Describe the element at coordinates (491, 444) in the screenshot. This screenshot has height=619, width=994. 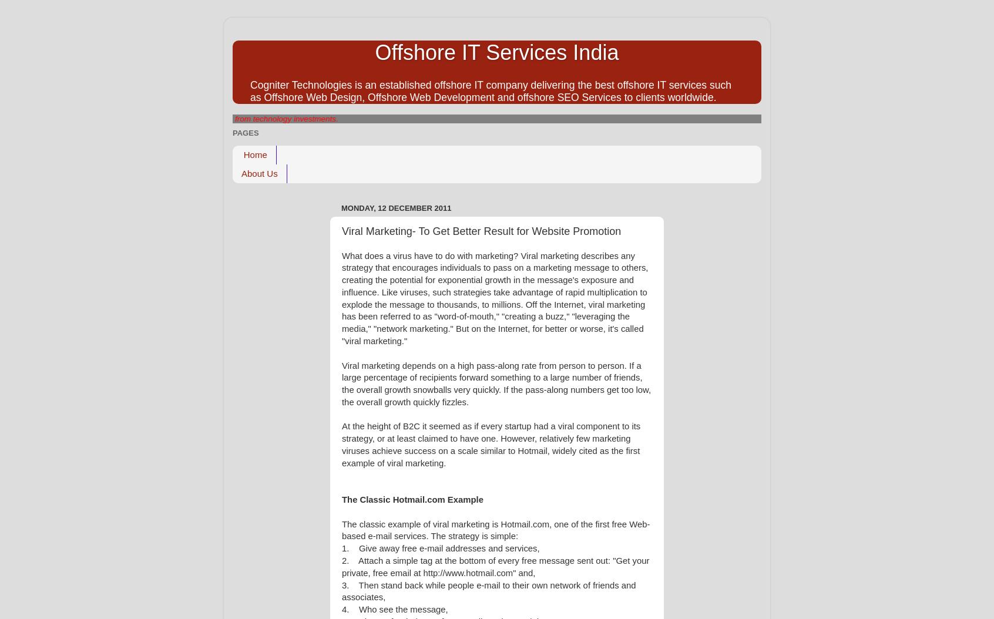
I see `'At the height of B2C it seemed as if every startup had a viral component to its strategy, or at least claimed to have one. However, relatively few marketing viruses achieve success on a scale similar to Hotmail, widely cited as the first example of viral marketing.'` at that location.